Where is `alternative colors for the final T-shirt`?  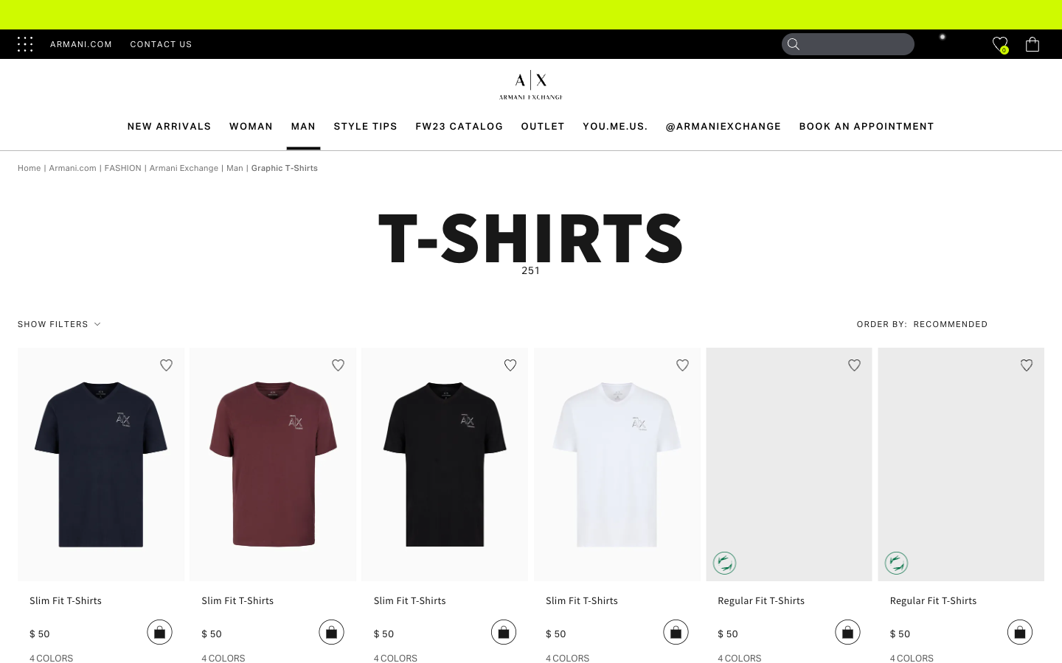
alternative colors for the final T-shirt is located at coordinates (911, 657).